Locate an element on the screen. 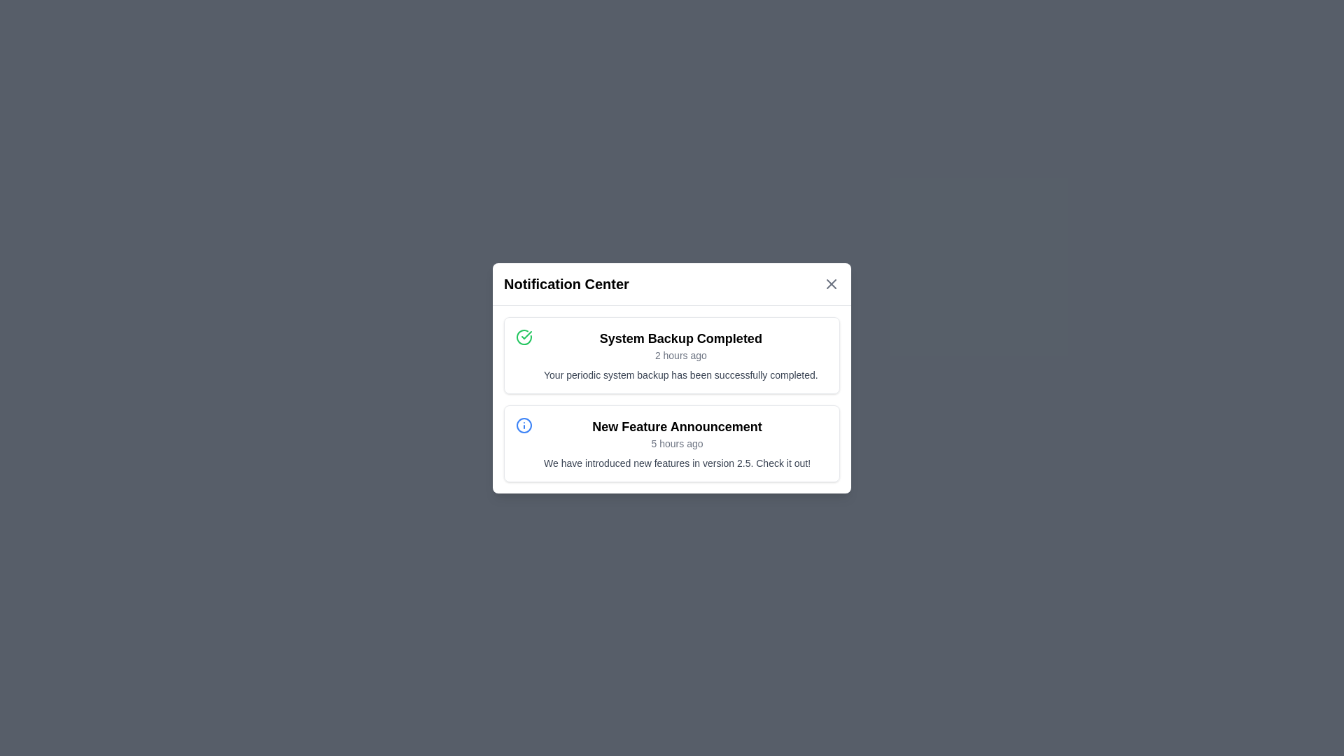 This screenshot has height=756, width=1344. the static text label reading '5 hours ago,' which is positioned below the 'New Feature Announcement' header in the Notification Center popup is located at coordinates (677, 443).